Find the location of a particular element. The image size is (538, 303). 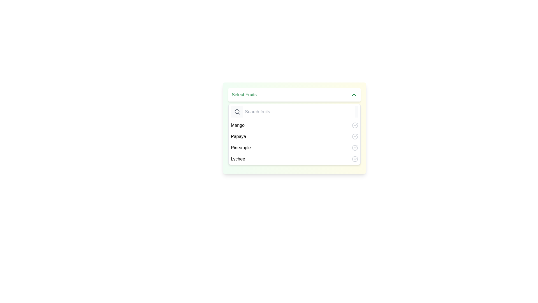

the text label displaying 'Lychee', which is the fourth item in the list and serves as a selectable fruit item is located at coordinates (238, 159).